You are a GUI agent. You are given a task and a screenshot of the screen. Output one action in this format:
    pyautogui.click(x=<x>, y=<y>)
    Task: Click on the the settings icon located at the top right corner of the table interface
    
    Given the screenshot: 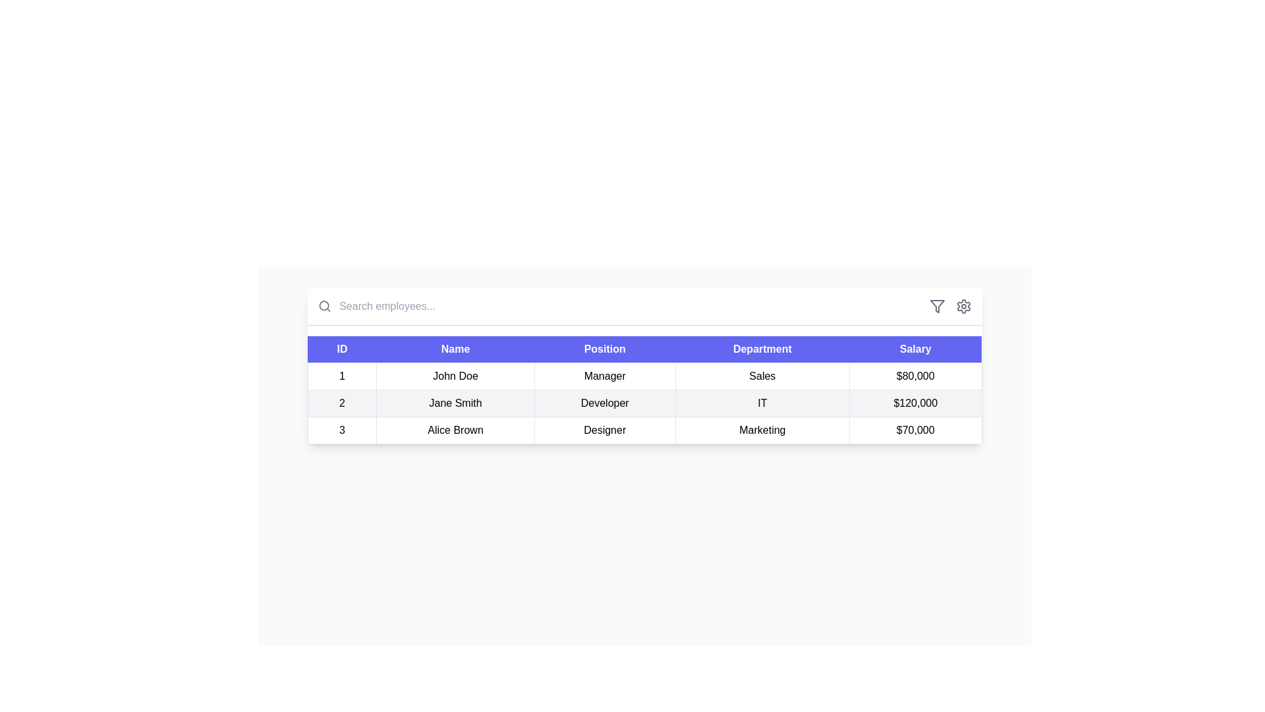 What is the action you would take?
    pyautogui.click(x=963, y=307)
    